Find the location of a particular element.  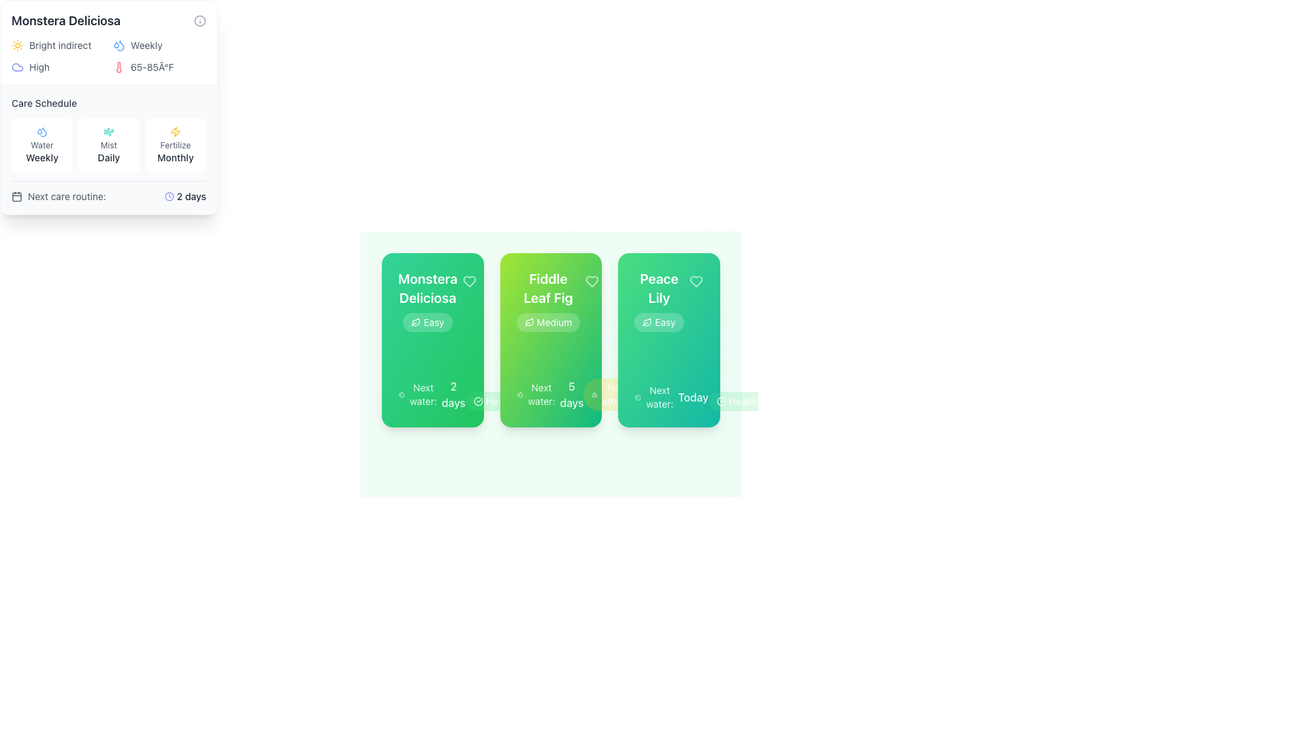

the 'Today' text label, which is displayed in a medium-sized white font on a green background, located at the bottom of the 'Peace Lily' card within the 'Next water:' information area is located at coordinates (693, 397).